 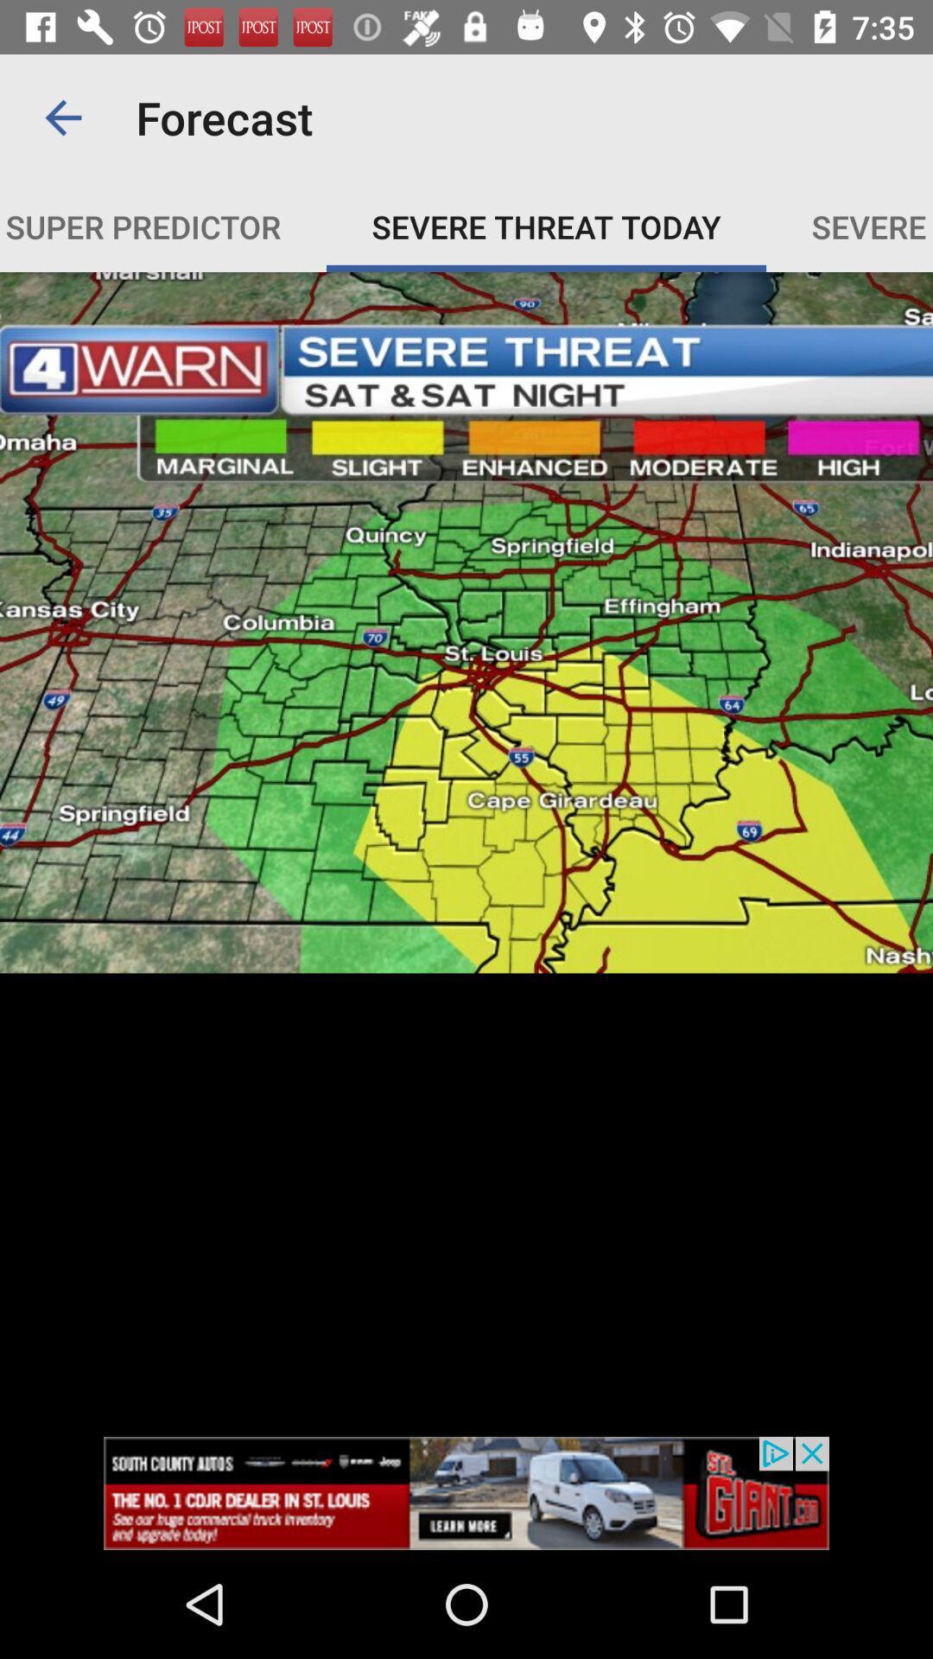 What do you see at coordinates (466, 1492) in the screenshot?
I see `open` at bounding box center [466, 1492].